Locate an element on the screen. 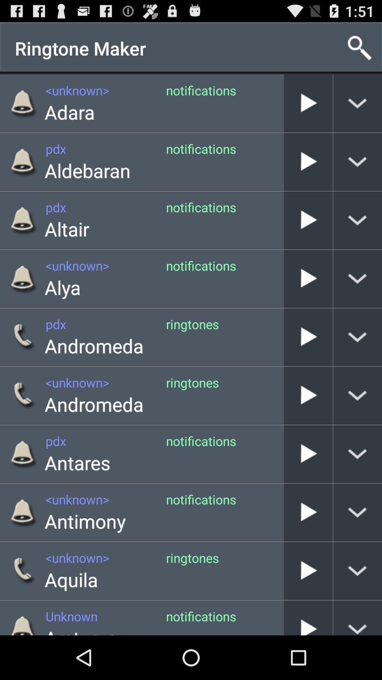 This screenshot has height=680, width=382. display call info is located at coordinates (358, 395).